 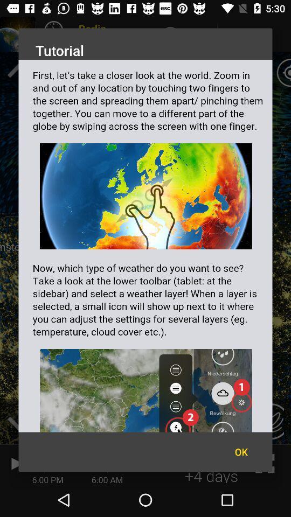 I want to click on the play icon, so click(x=15, y=463).